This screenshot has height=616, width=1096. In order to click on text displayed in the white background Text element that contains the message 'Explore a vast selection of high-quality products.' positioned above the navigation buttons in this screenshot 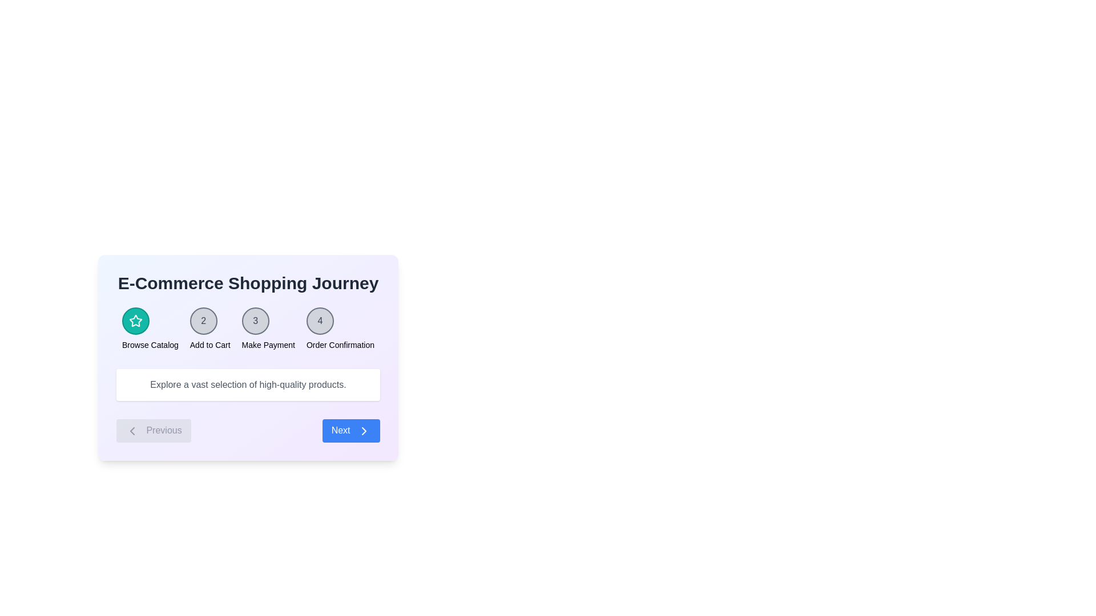, I will do `click(248, 385)`.